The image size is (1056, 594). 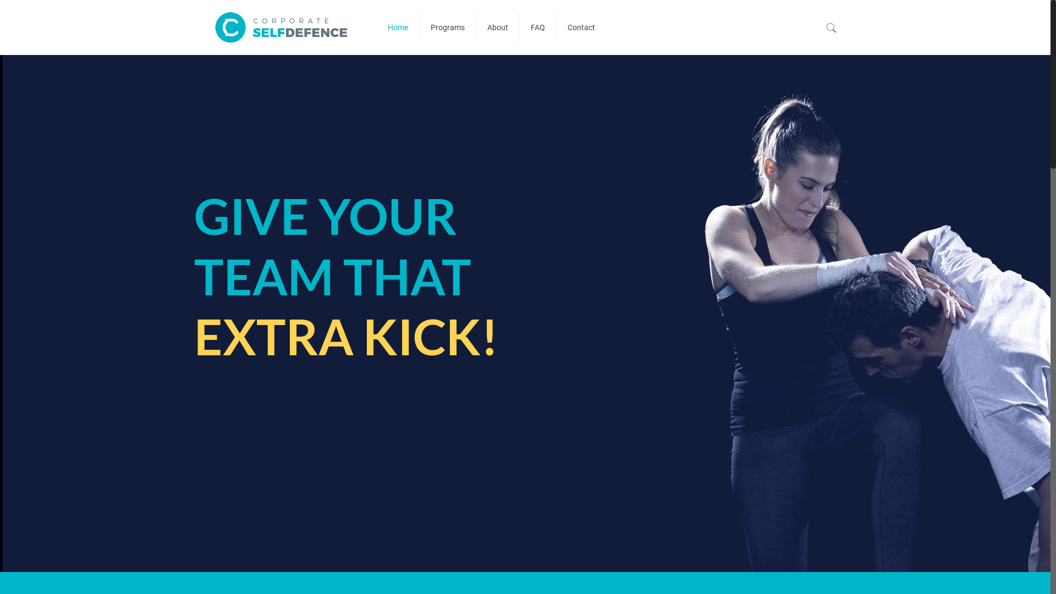 What do you see at coordinates (398, 27) in the screenshot?
I see `'Home'` at bounding box center [398, 27].